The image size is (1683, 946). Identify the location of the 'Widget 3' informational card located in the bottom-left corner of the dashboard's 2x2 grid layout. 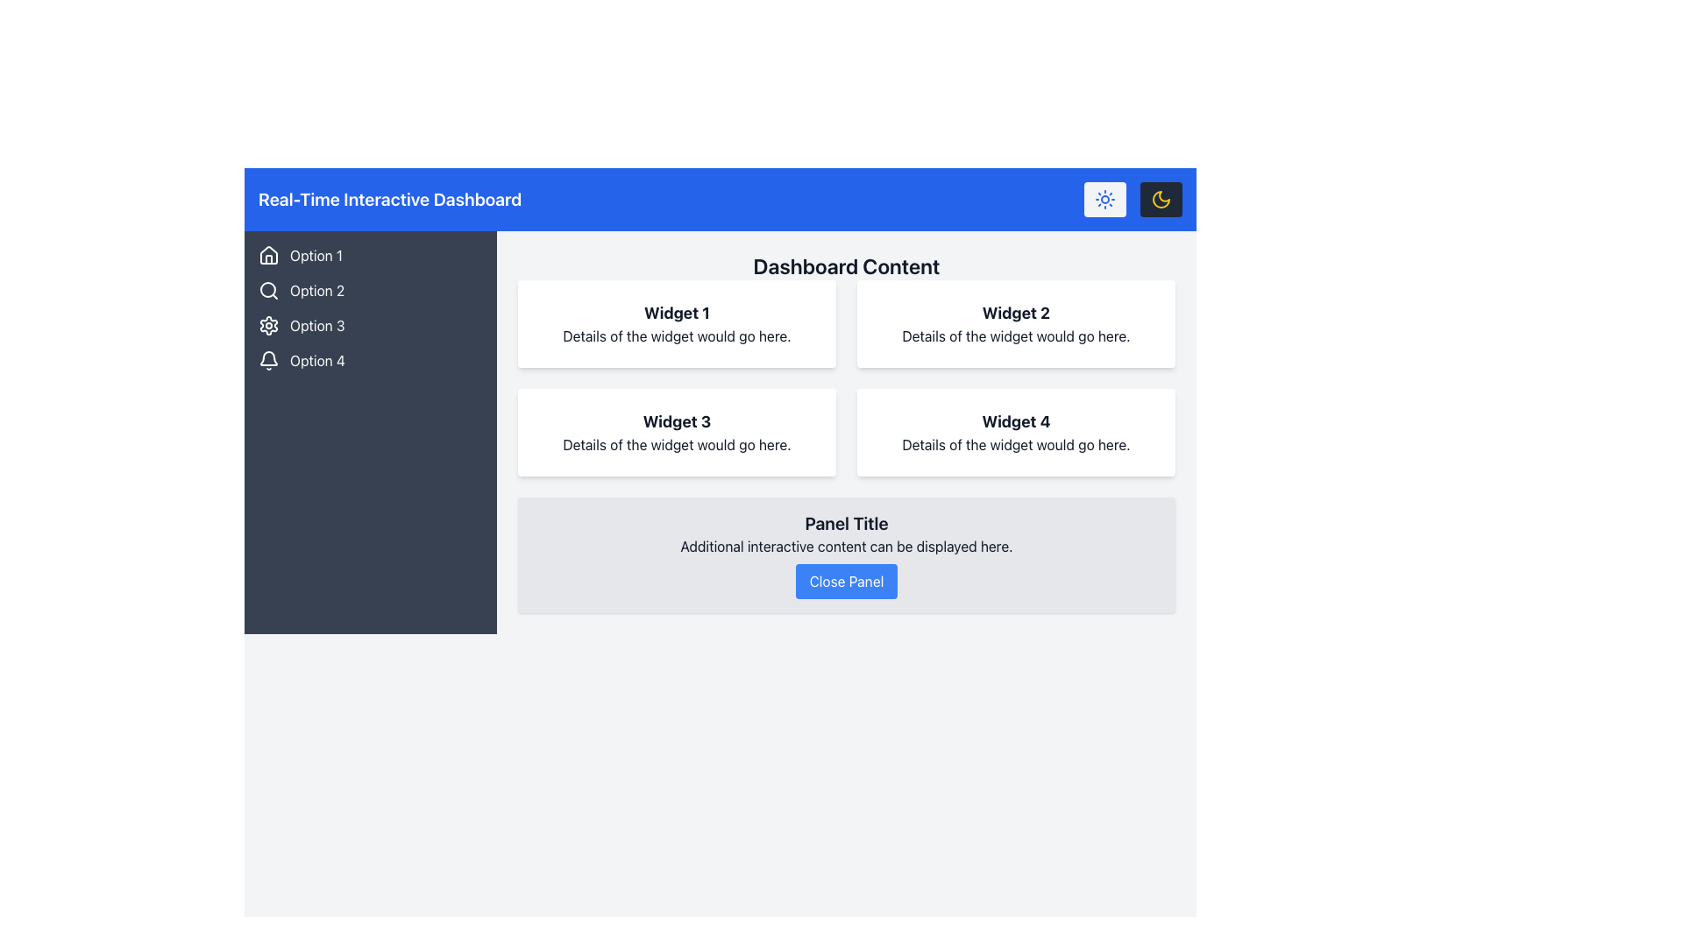
(676, 432).